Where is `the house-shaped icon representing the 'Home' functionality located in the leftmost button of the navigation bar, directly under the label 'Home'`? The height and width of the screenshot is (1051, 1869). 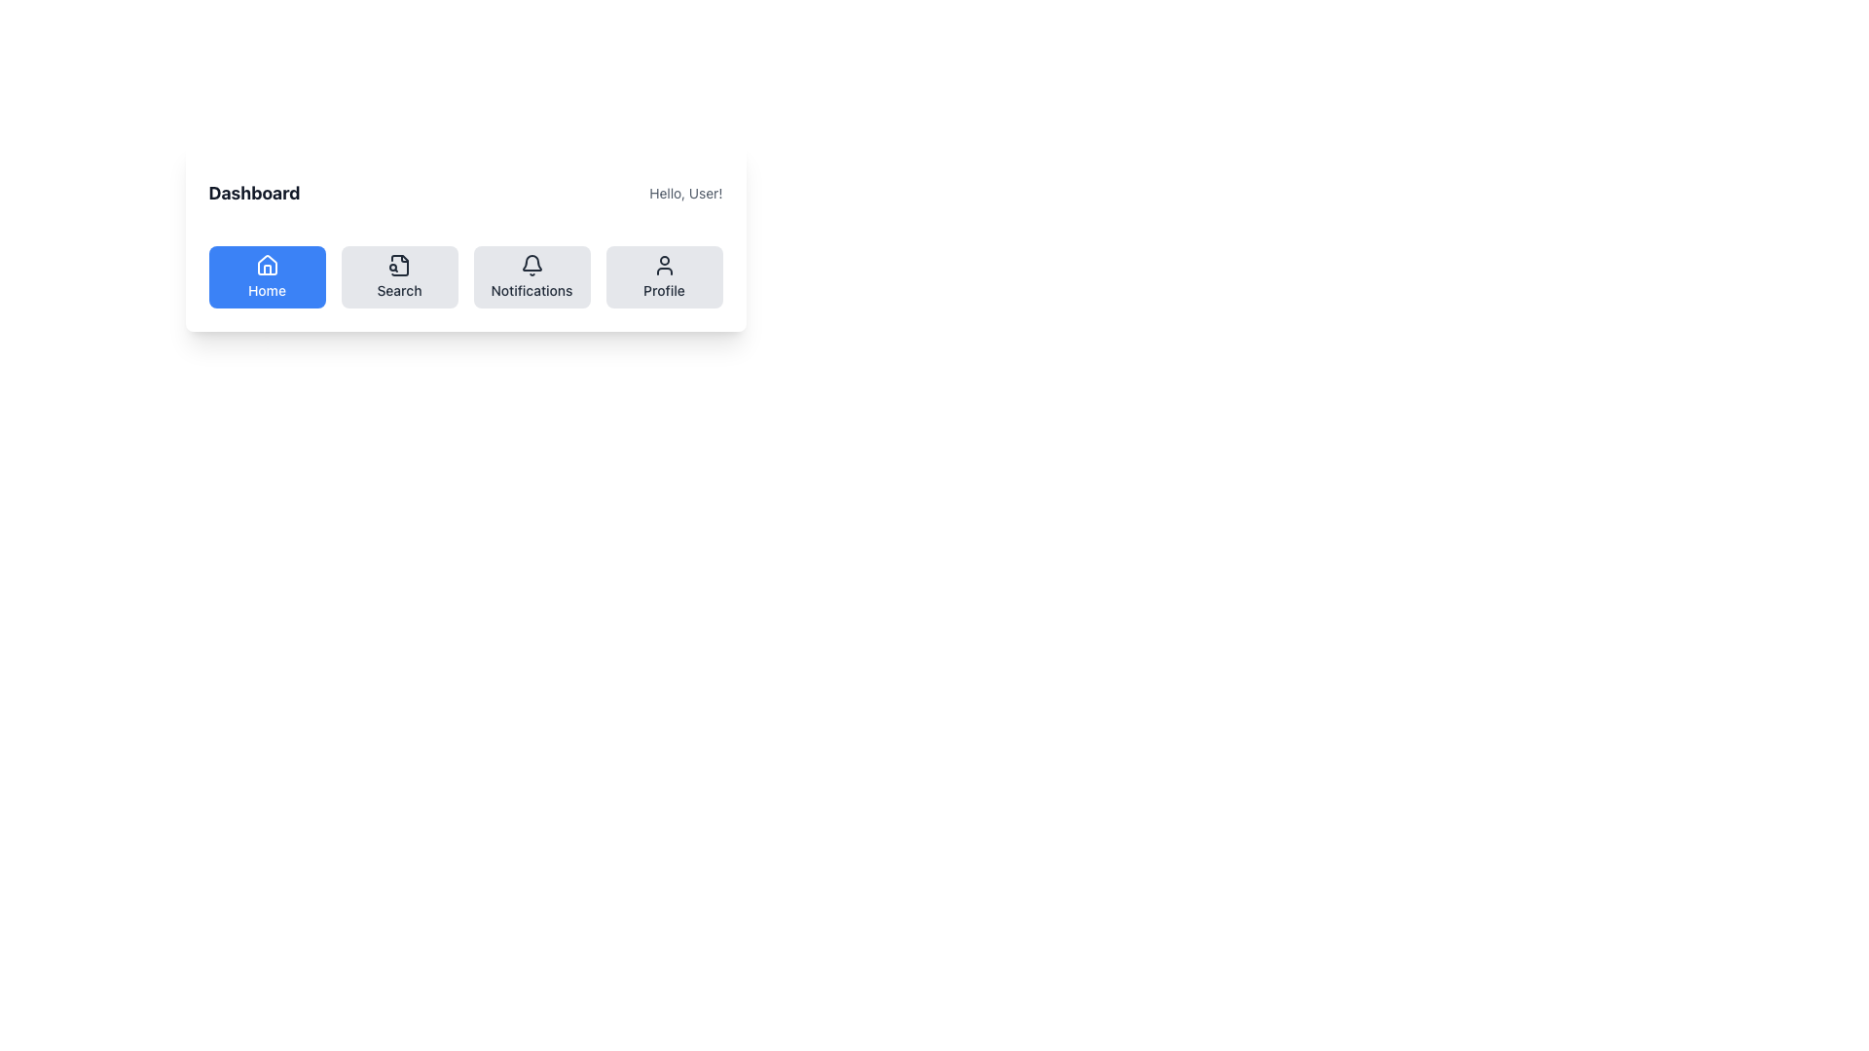
the house-shaped icon representing the 'Home' functionality located in the leftmost button of the navigation bar, directly under the label 'Home' is located at coordinates (266, 265).